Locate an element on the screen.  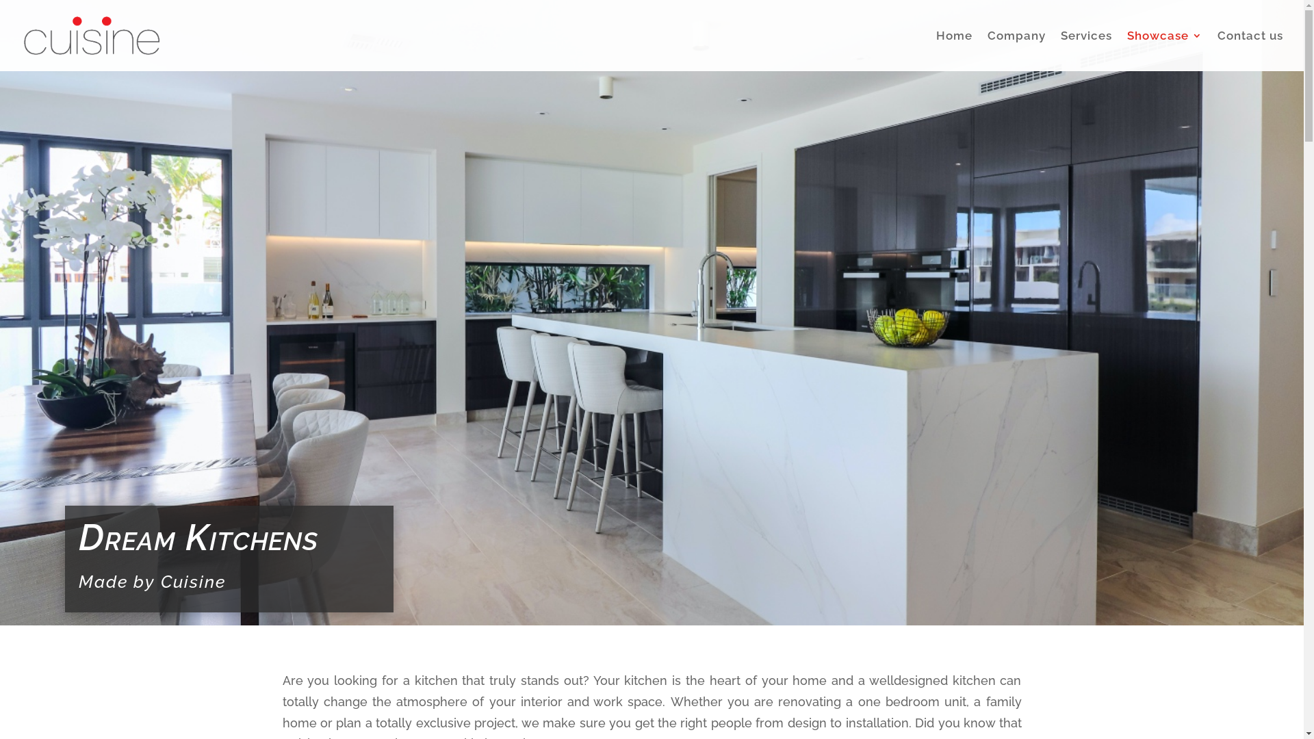
'Services' is located at coordinates (1060, 50).